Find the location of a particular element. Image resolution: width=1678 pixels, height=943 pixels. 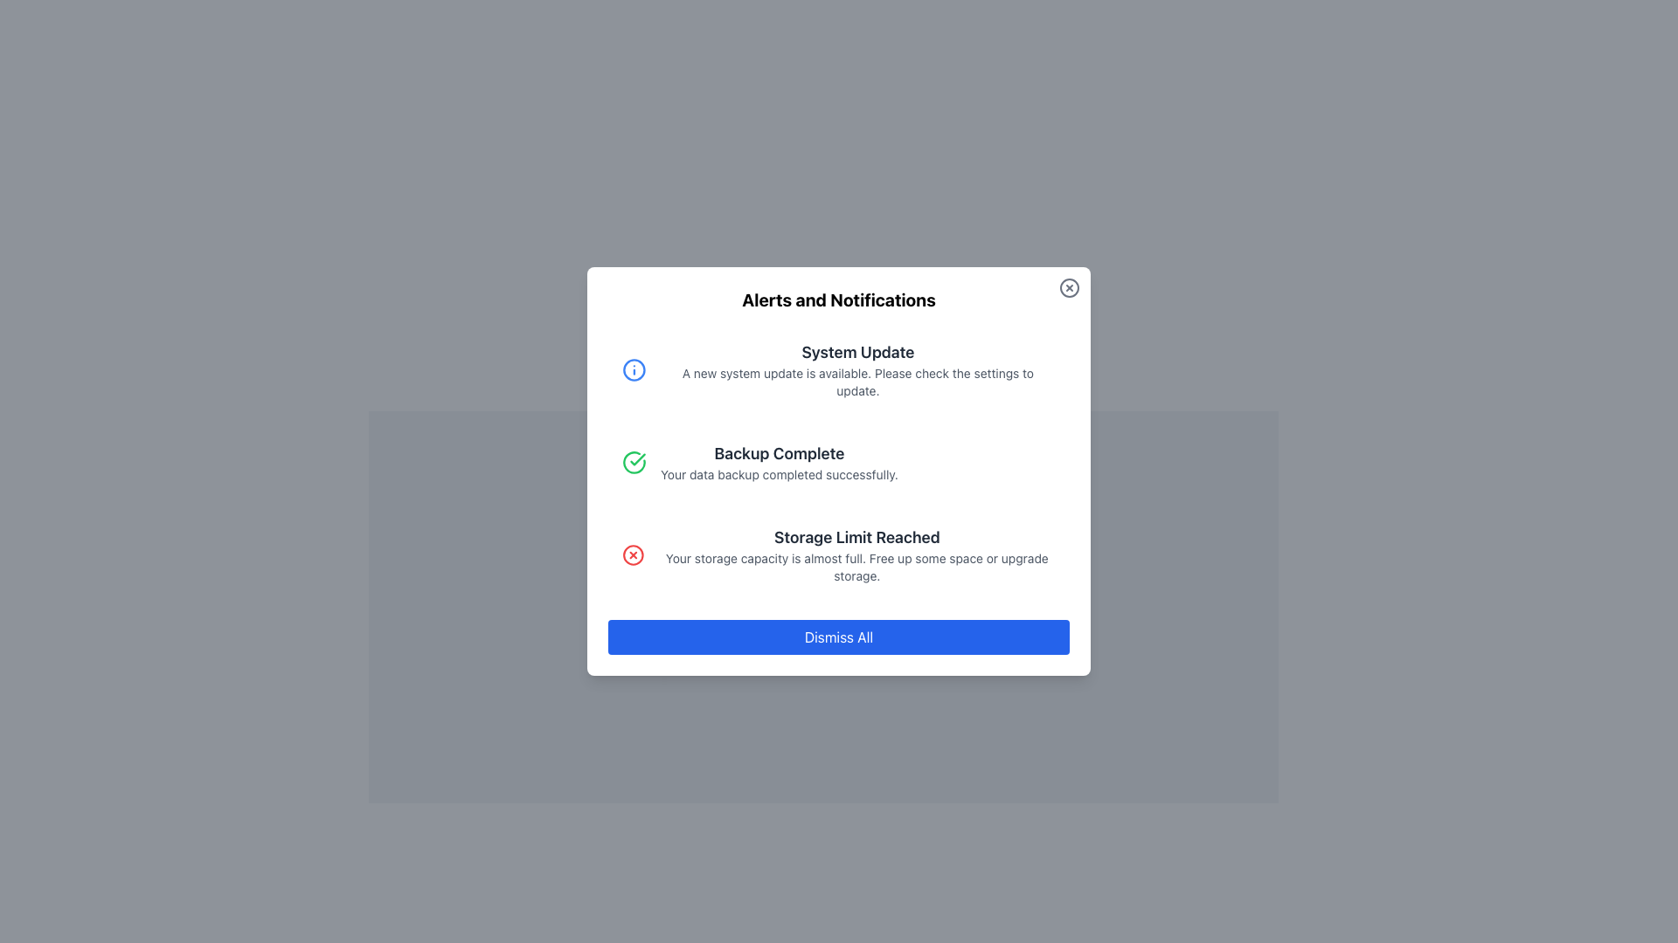

the circular close button located at the top-right corner of the notification modal, which features a cross inside a bordered circle is located at coordinates (1069, 287).